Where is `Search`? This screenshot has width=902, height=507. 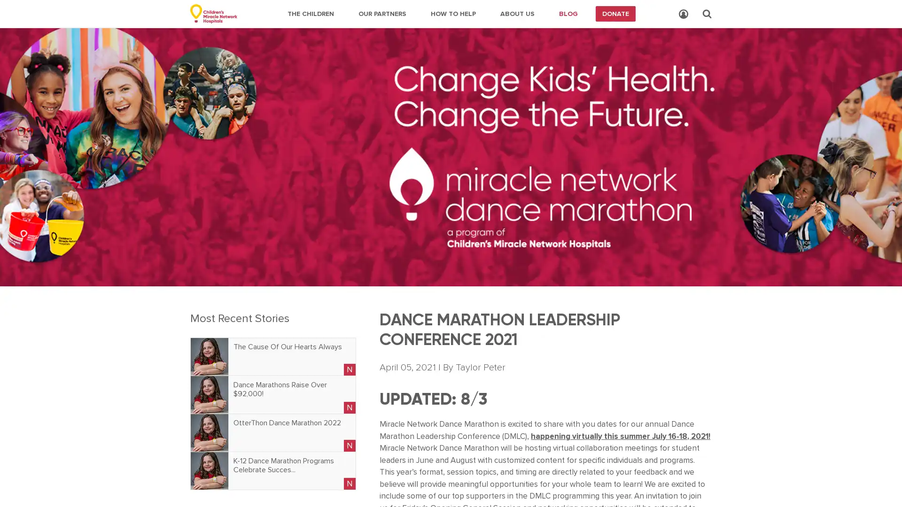
Search is located at coordinates (707, 14).